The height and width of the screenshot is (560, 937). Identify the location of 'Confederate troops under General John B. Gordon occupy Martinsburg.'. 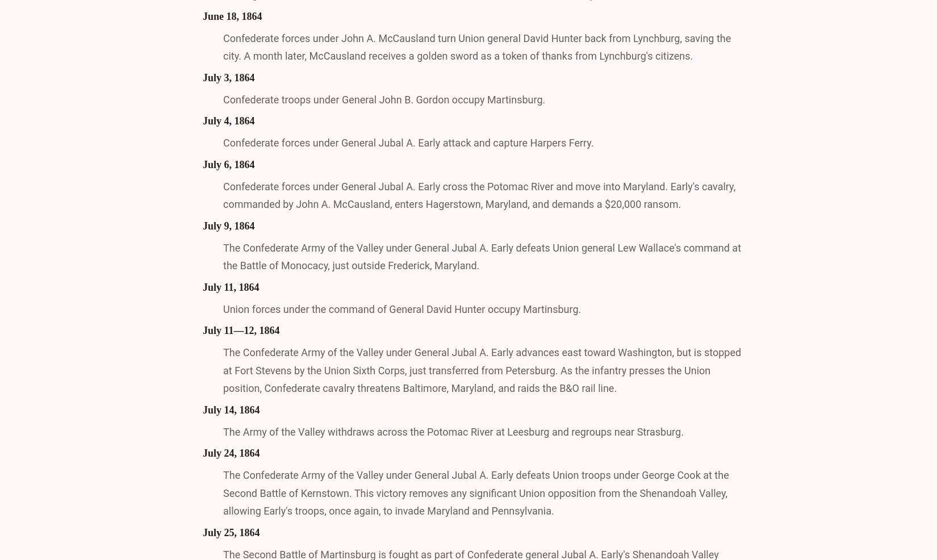
(383, 98).